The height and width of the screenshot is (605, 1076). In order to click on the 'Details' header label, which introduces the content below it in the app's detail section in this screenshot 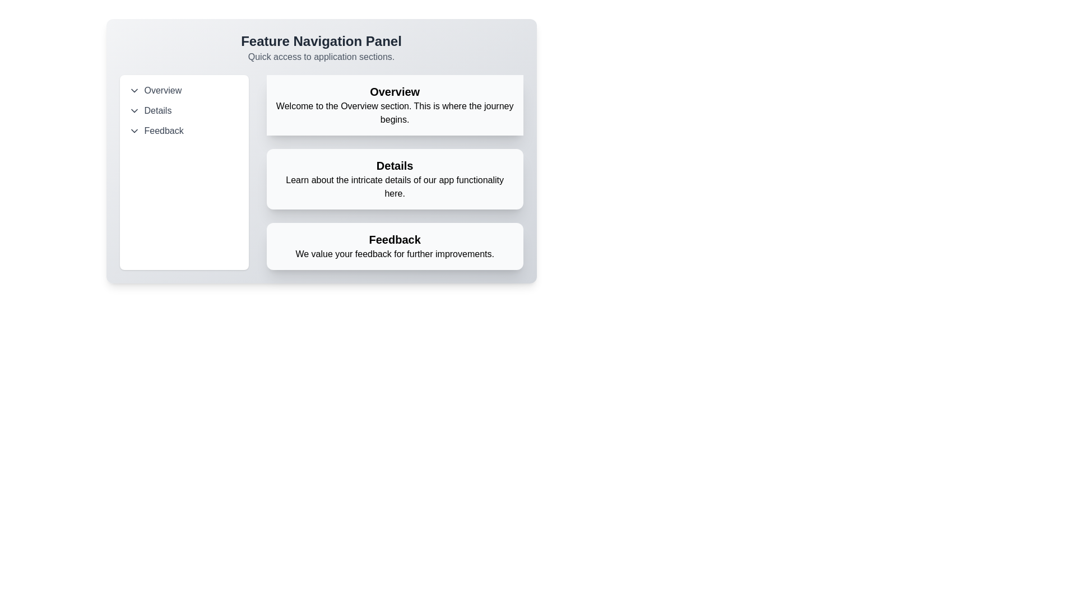, I will do `click(395, 166)`.